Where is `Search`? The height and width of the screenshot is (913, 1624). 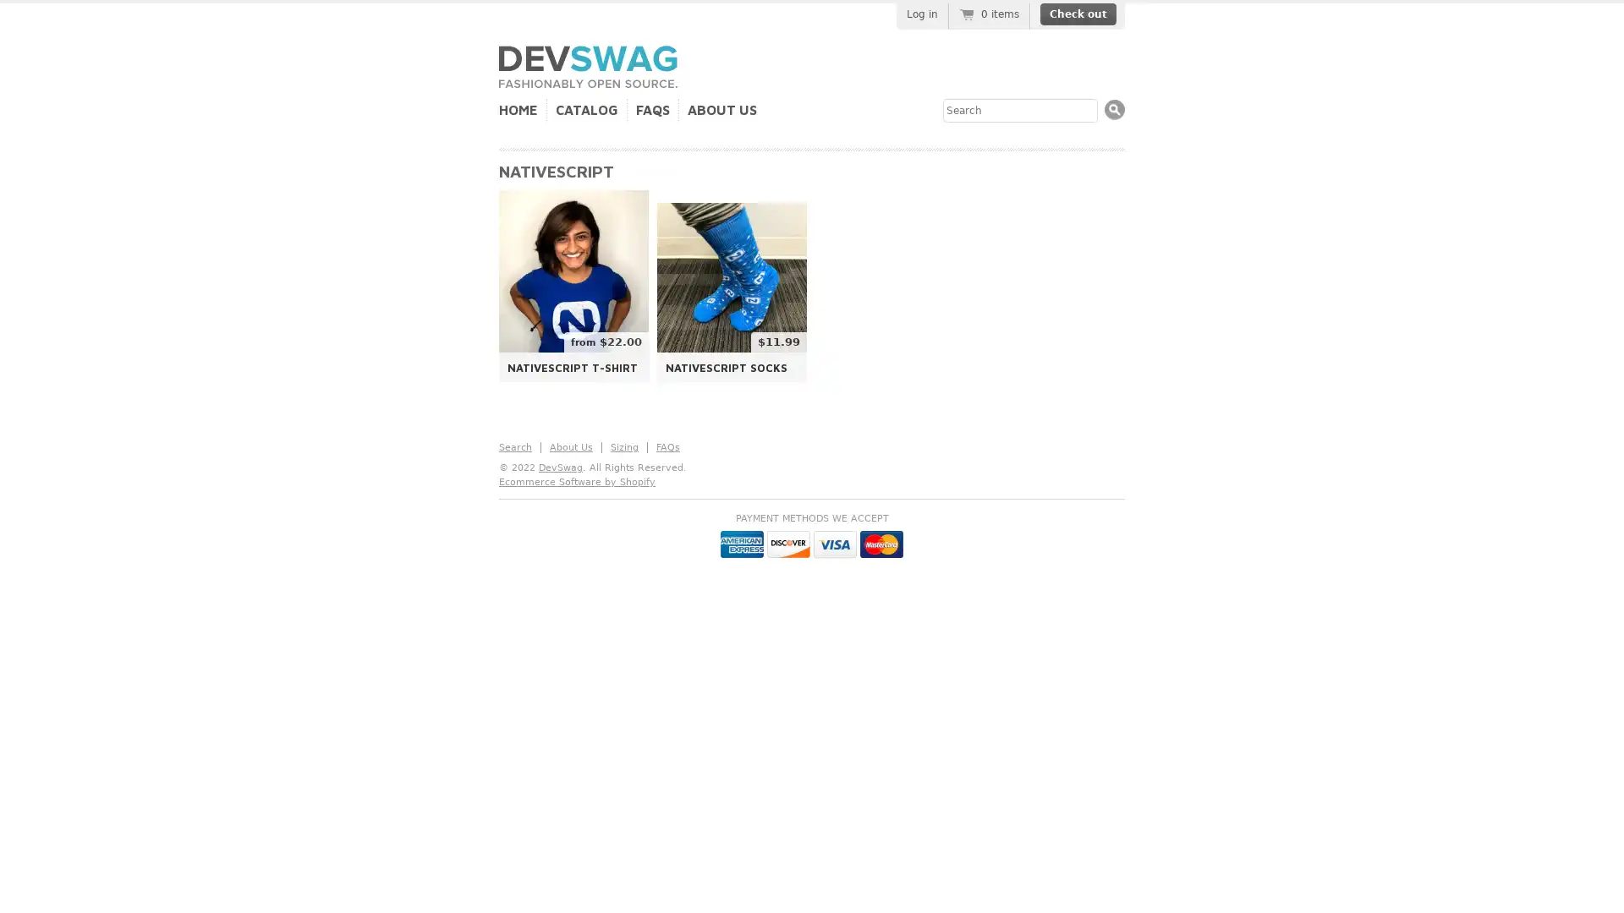 Search is located at coordinates (1115, 109).